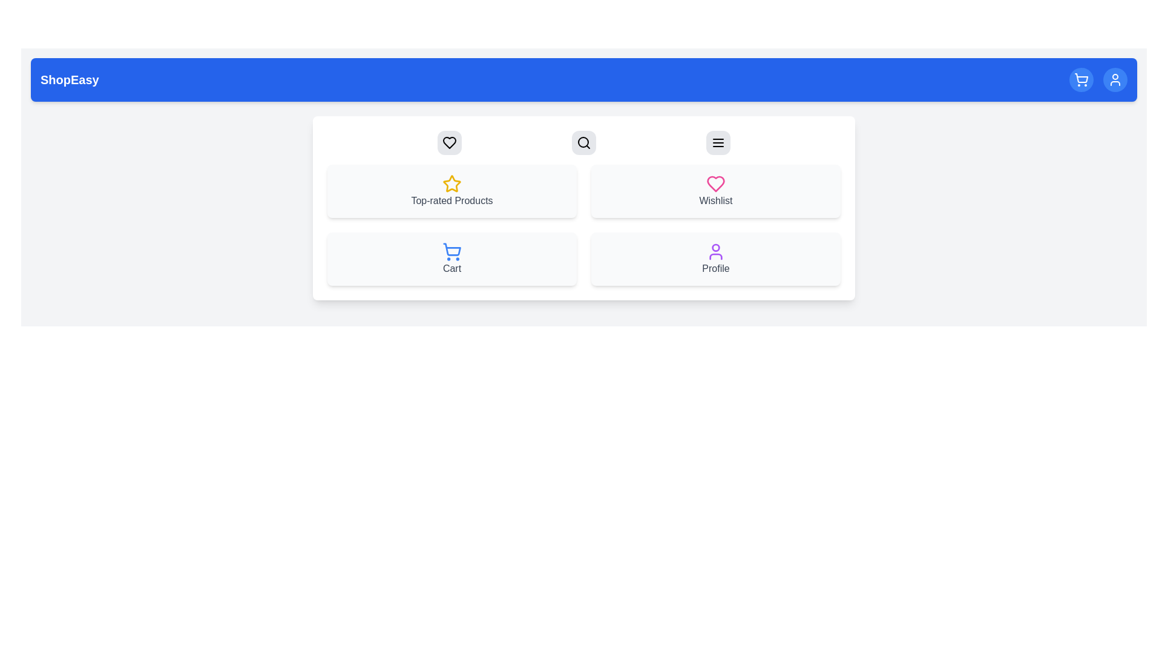 The height and width of the screenshot is (654, 1162). What do you see at coordinates (451, 191) in the screenshot?
I see `the top-left card in the grid layout` at bounding box center [451, 191].